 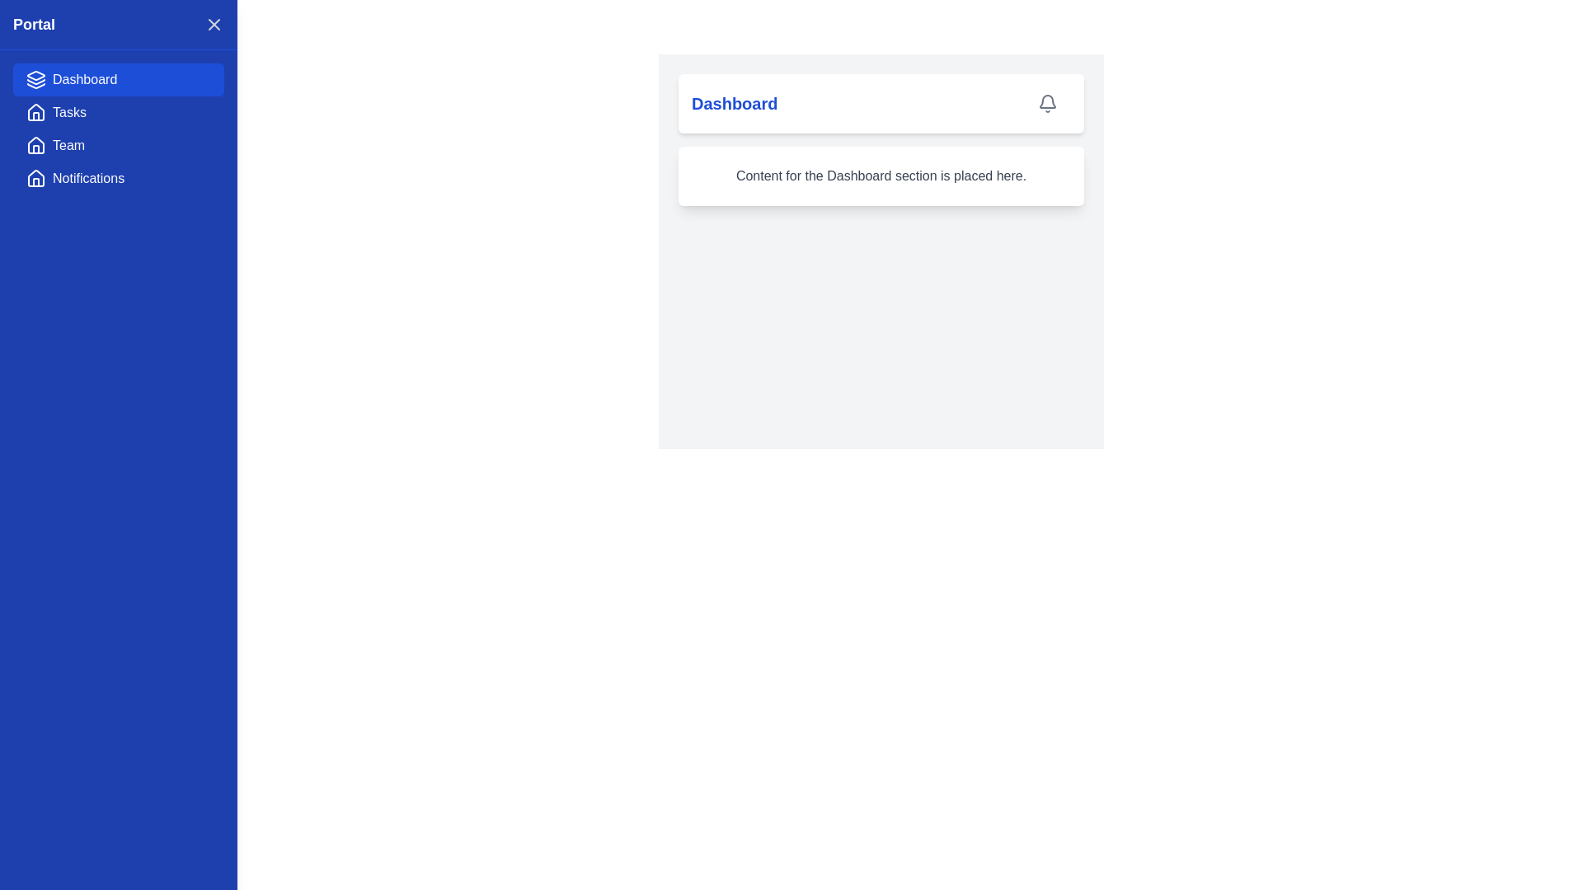 What do you see at coordinates (35, 115) in the screenshot?
I see `the lower part of the house icon representing the 'Tasks' option in the left sidebar menu of the application` at bounding box center [35, 115].